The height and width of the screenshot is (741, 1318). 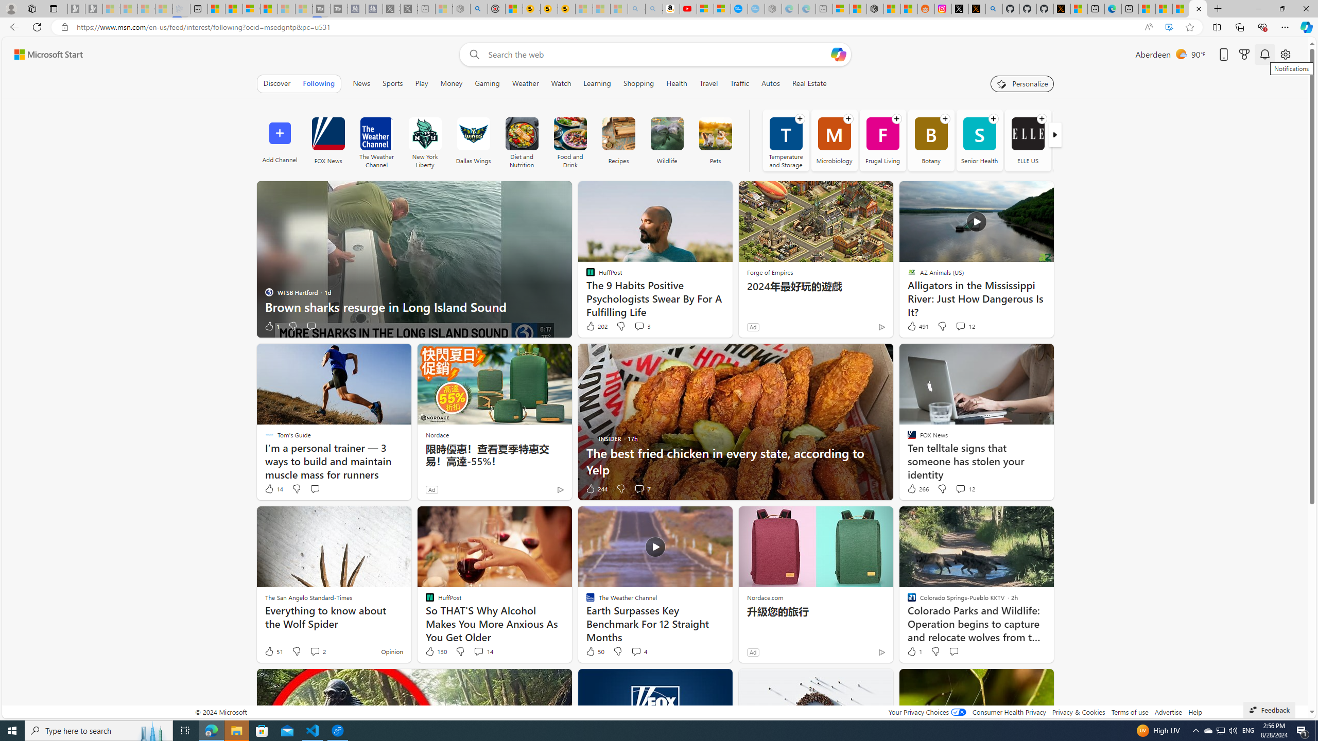 I want to click on 'amazon - Search - Sleeping', so click(x=636, y=8).